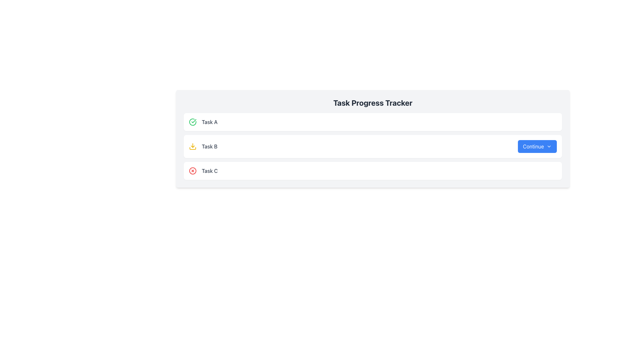  Describe the element at coordinates (192, 146) in the screenshot. I see `the stylized yellow download icon, which is an outlined arrow pointing downward` at that location.